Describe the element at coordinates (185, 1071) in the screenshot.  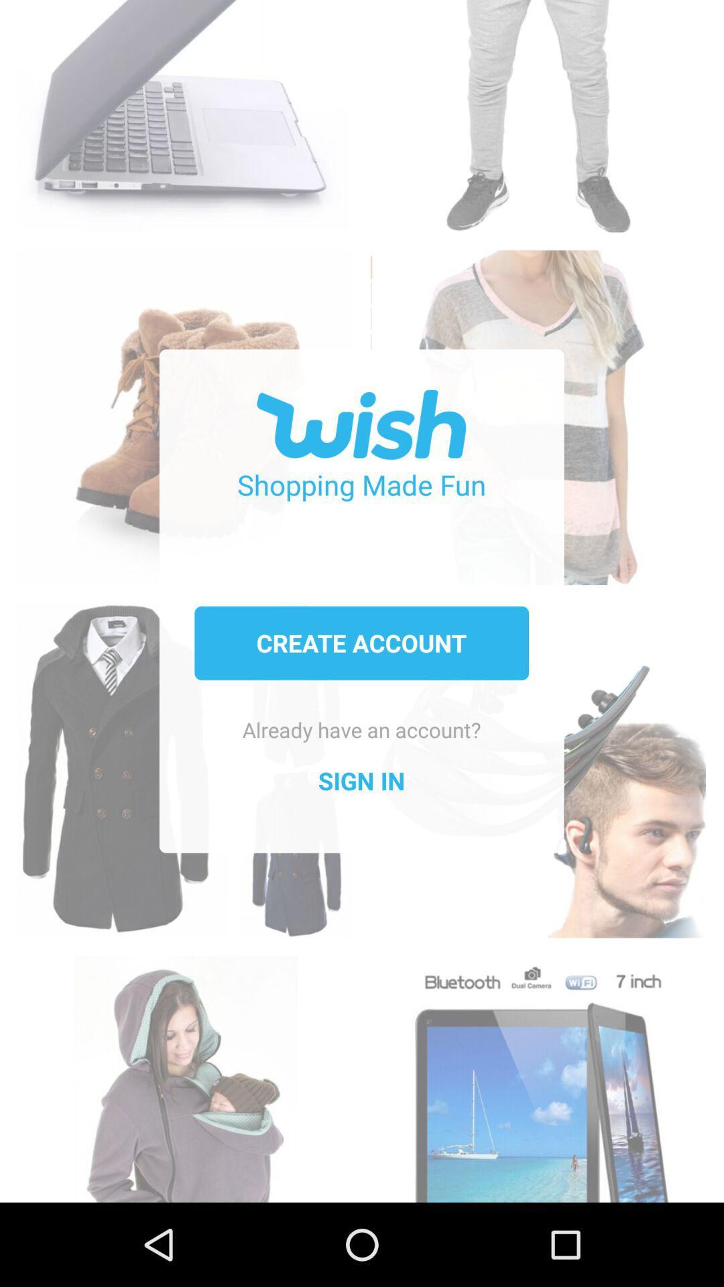
I see `icon at the bottom left corner` at that location.